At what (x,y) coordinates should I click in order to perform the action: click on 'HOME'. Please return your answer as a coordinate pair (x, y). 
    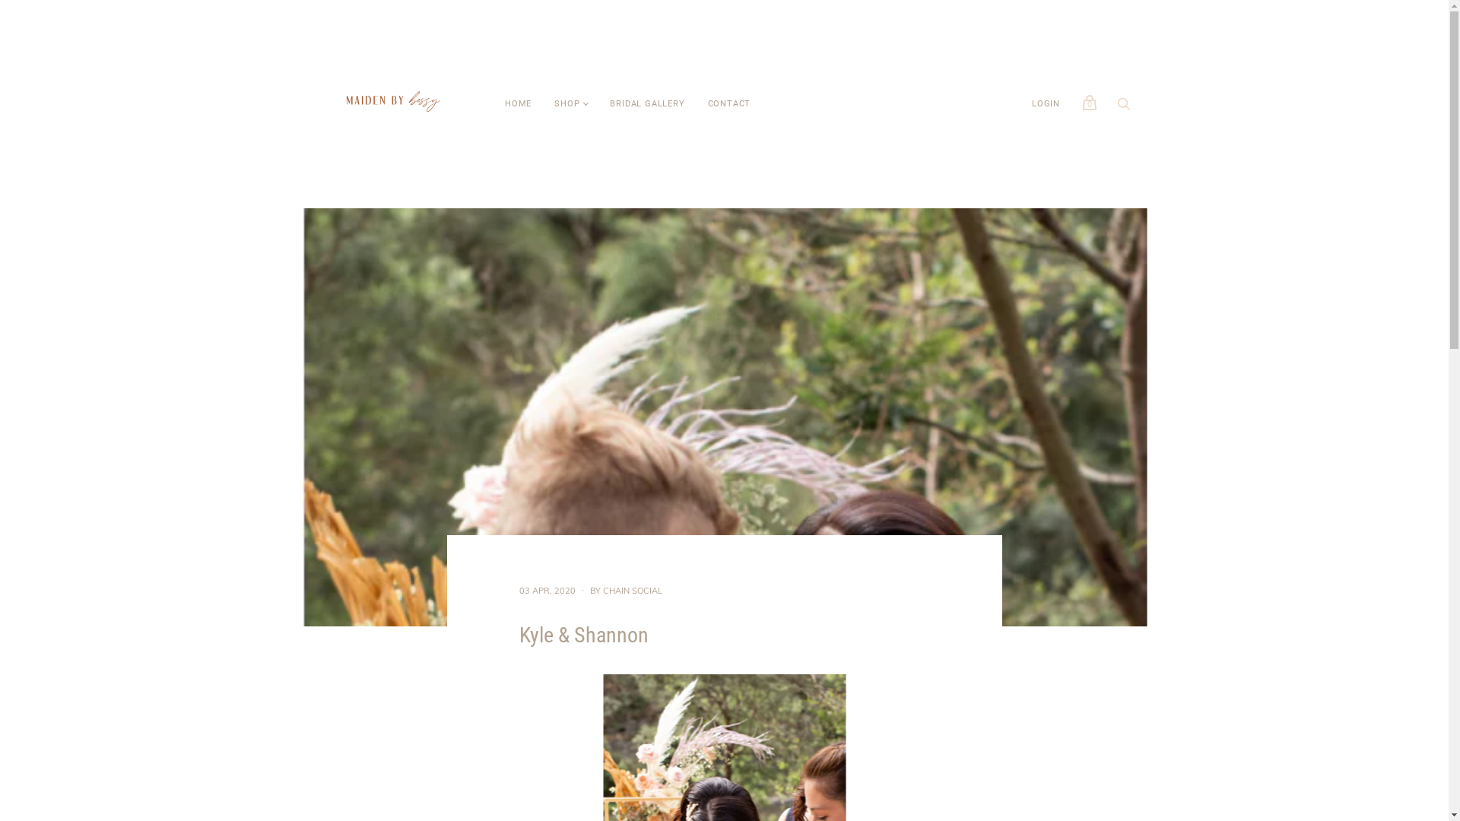
    Looking at the image, I should click on (518, 103).